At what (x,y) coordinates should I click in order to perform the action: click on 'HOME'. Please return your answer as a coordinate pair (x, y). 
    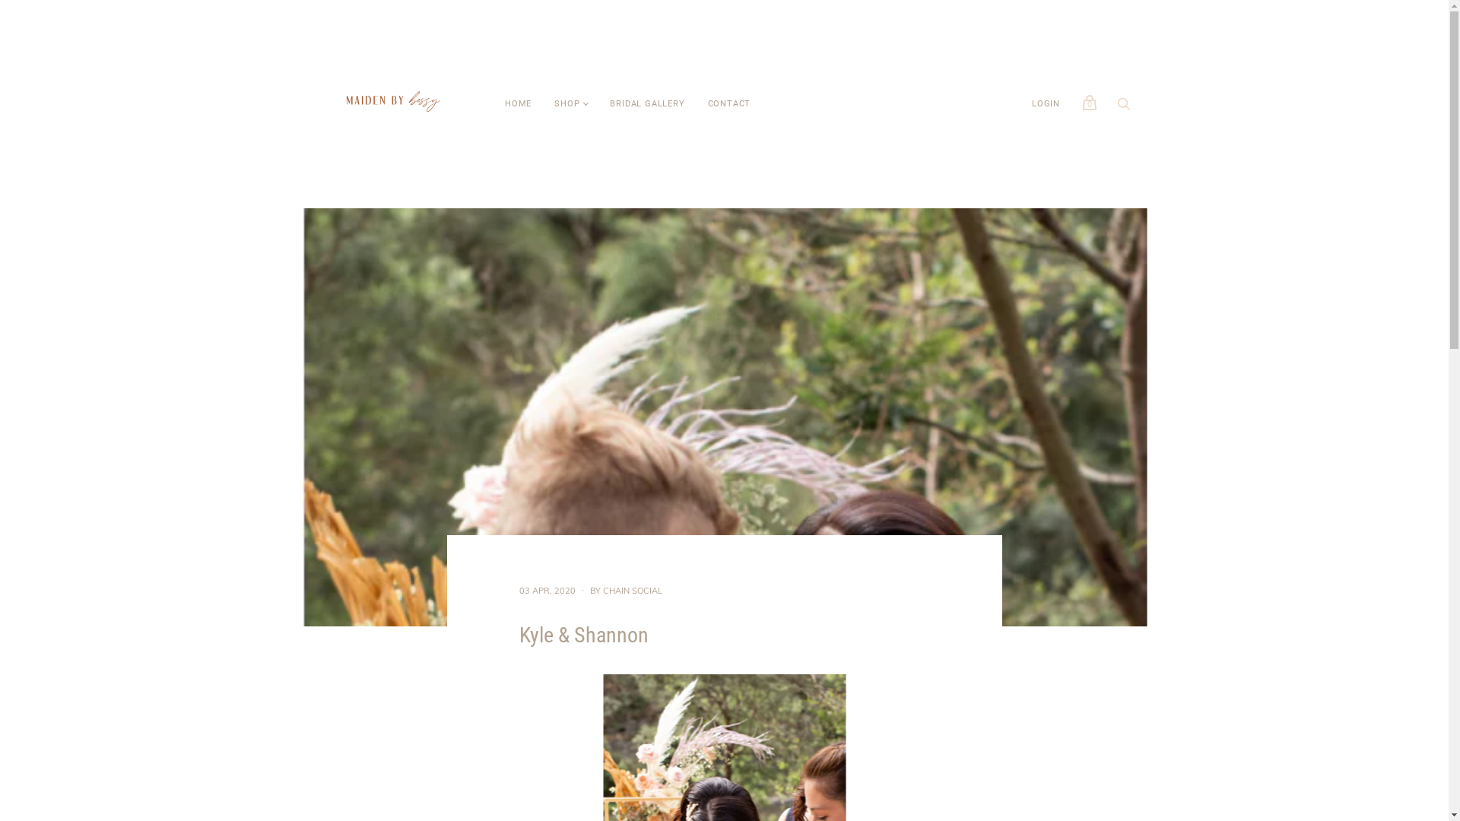
    Looking at the image, I should click on (518, 103).